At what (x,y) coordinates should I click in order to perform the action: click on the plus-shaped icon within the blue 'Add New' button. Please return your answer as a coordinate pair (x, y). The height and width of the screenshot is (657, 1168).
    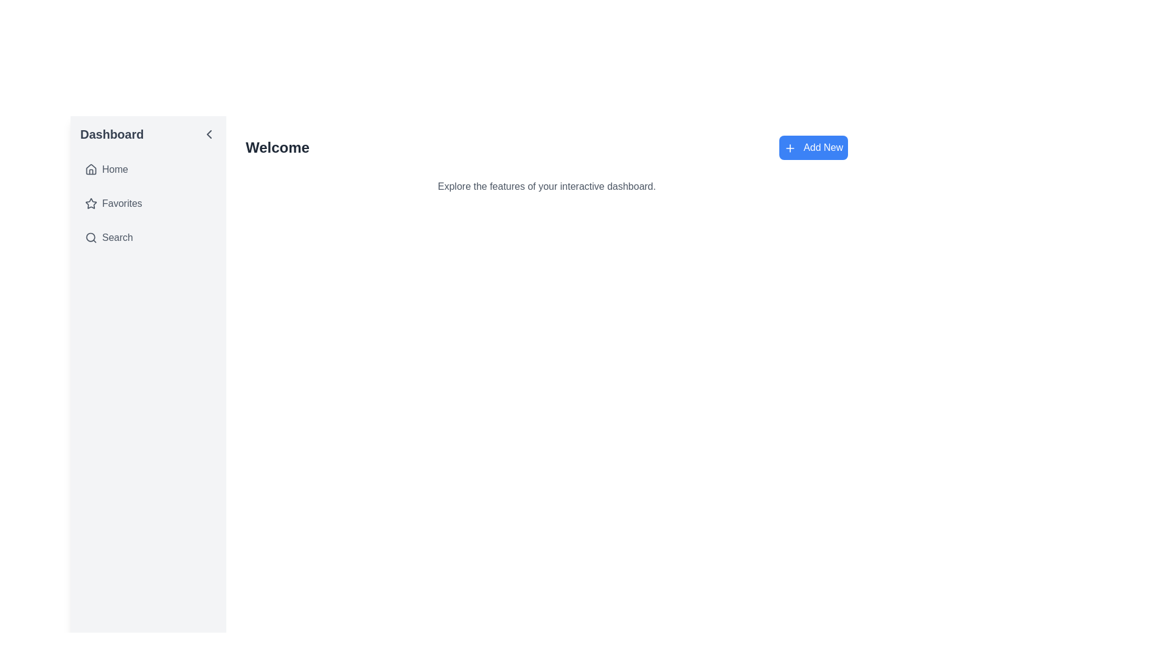
    Looking at the image, I should click on (790, 147).